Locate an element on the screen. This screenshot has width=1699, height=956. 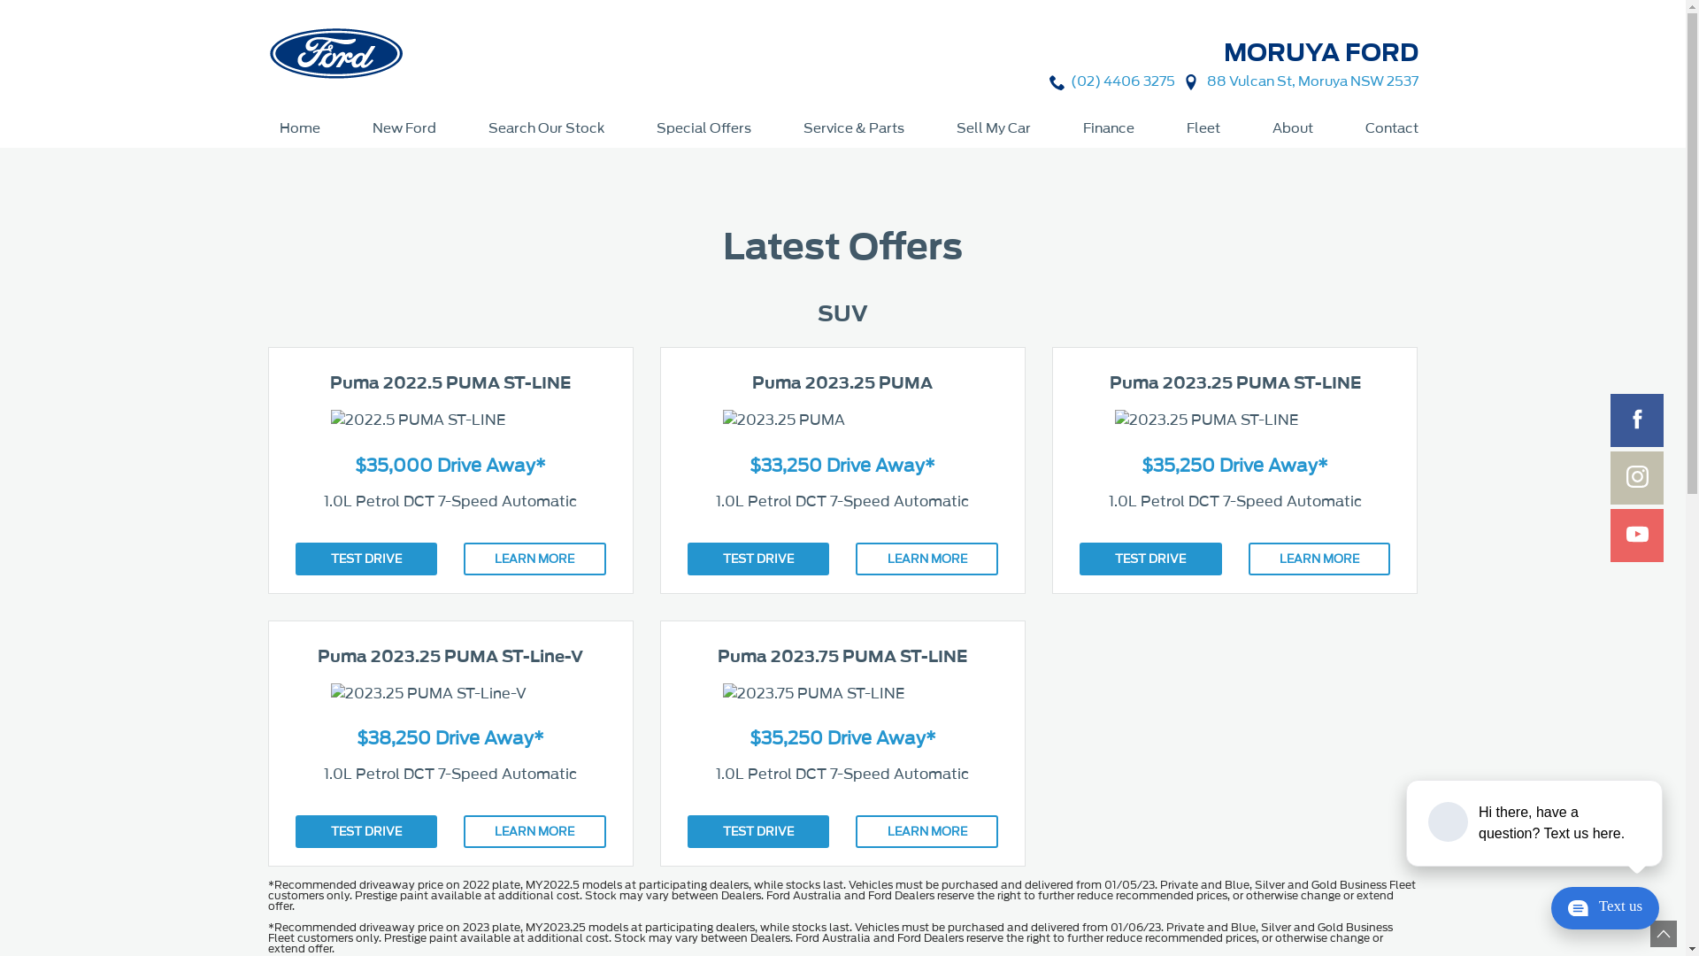
'About' is located at coordinates (1291, 127).